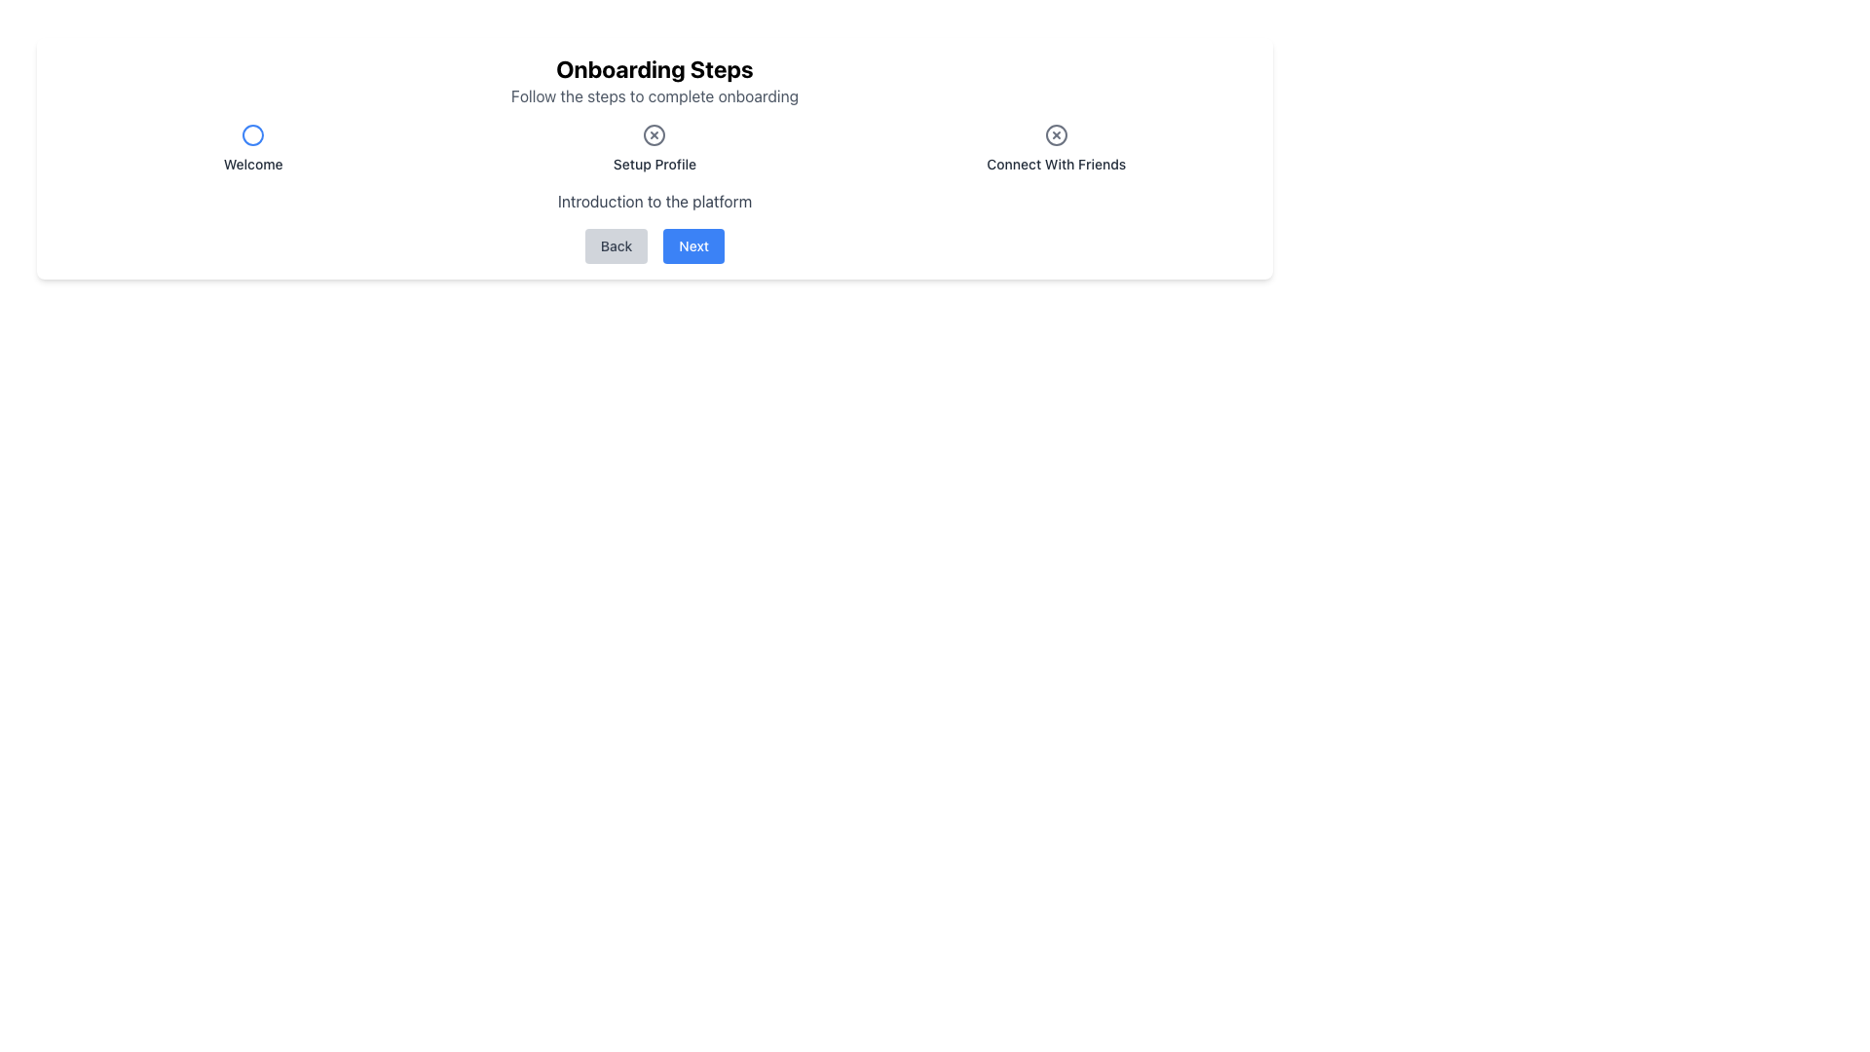 The image size is (1870, 1052). I want to click on the 'Setup Profile' icon located above the 'Setup Profile' text in the onboarding interface, so click(654, 133).